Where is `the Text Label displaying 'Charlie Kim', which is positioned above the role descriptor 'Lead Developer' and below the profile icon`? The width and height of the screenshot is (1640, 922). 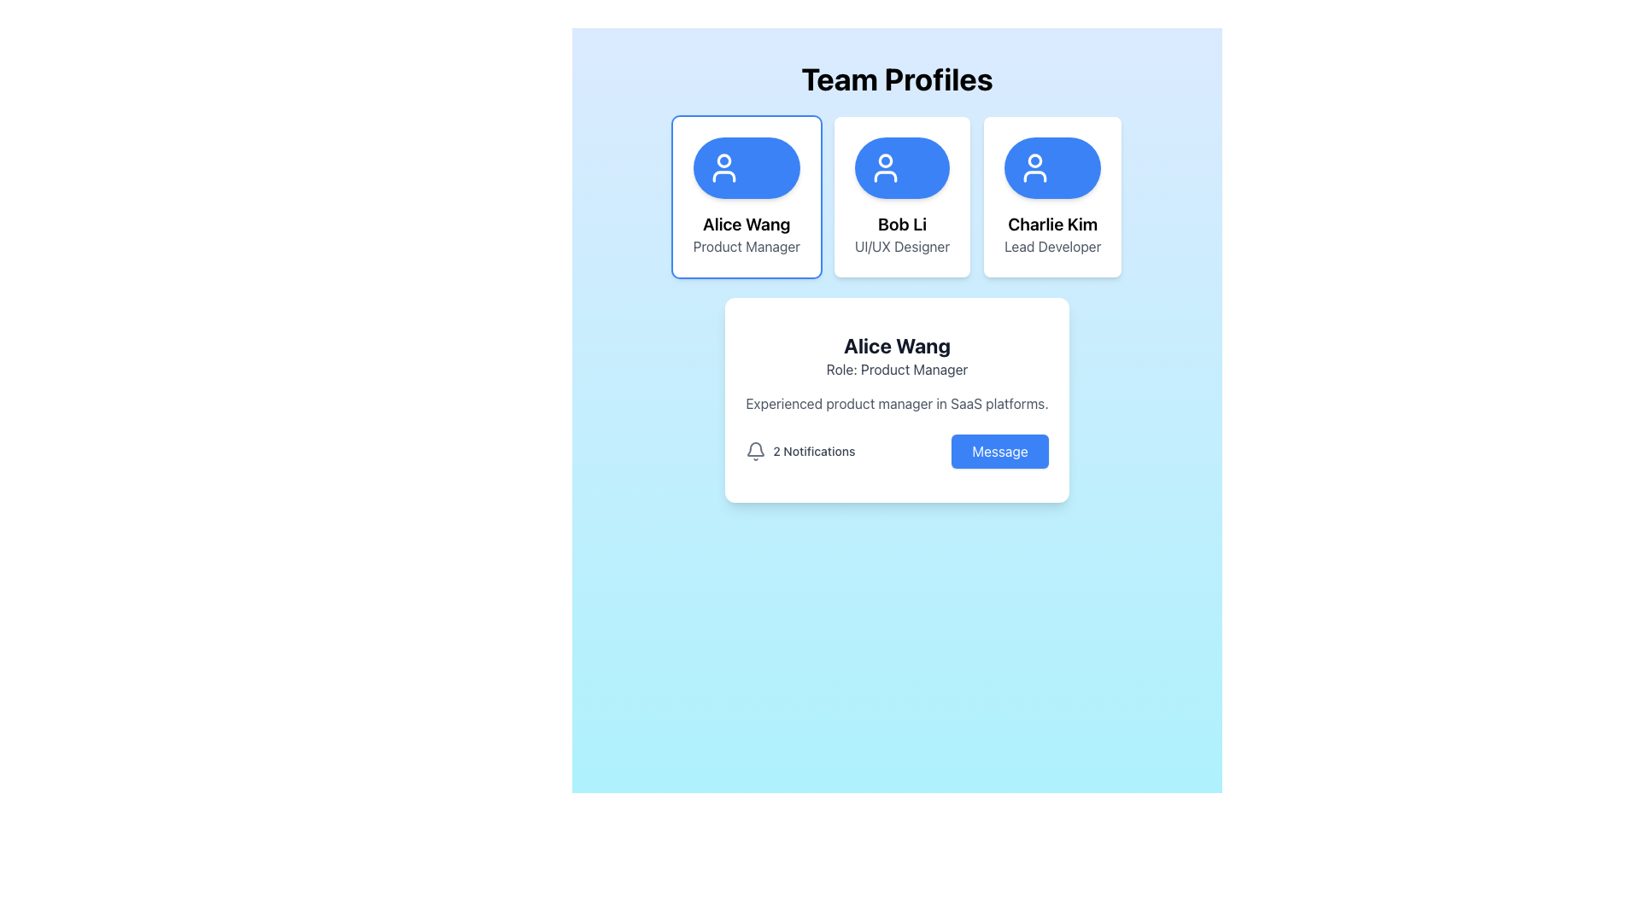 the Text Label displaying 'Charlie Kim', which is positioned above the role descriptor 'Lead Developer' and below the profile icon is located at coordinates (1051, 223).